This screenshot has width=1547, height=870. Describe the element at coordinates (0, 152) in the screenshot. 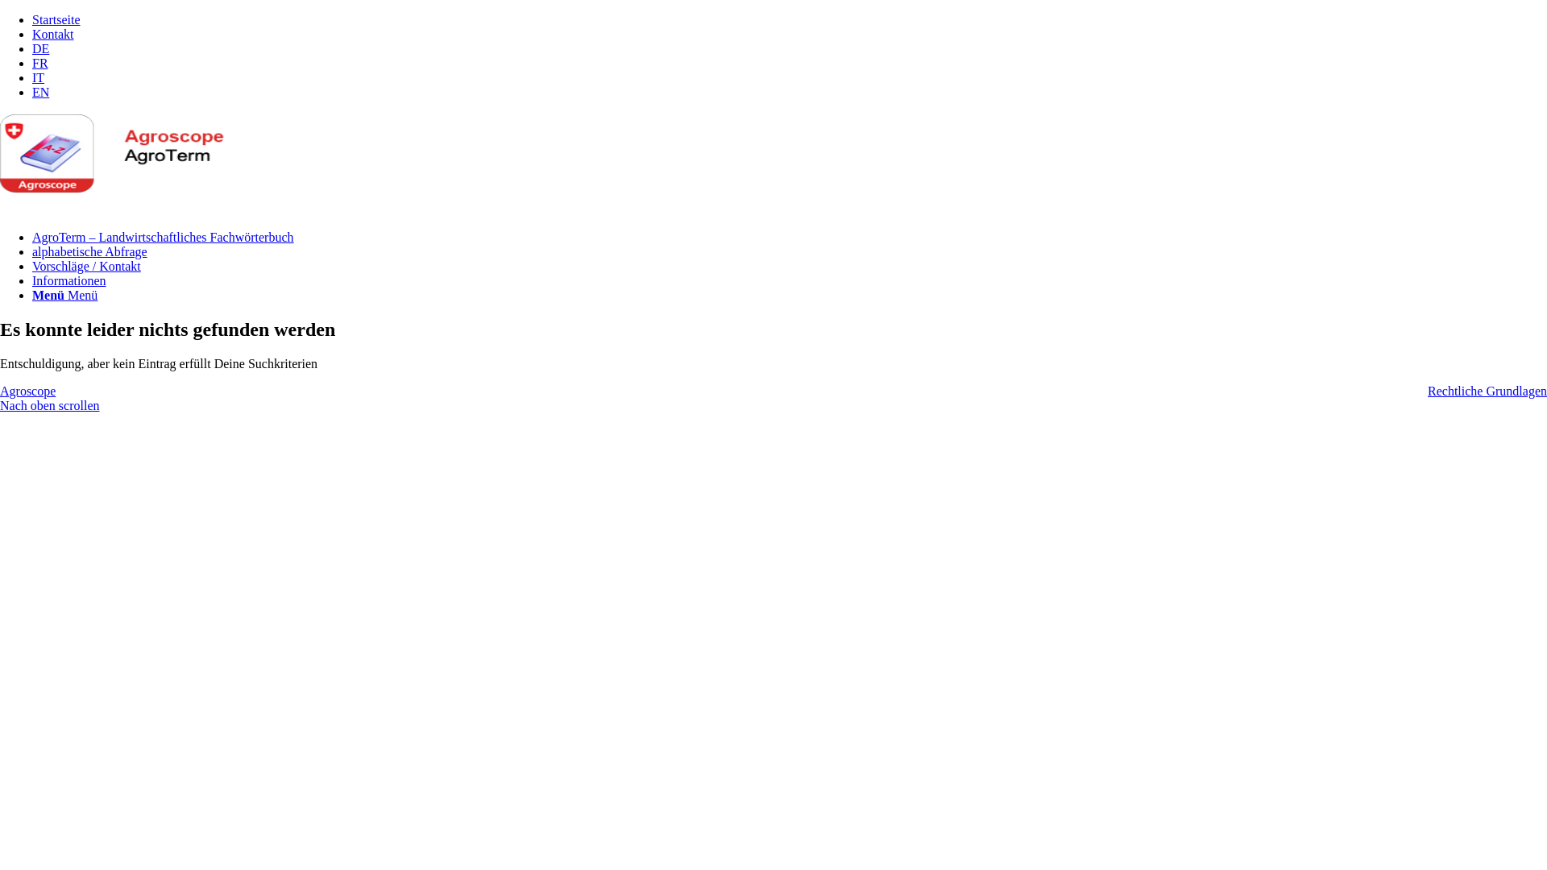

I see `'logo'` at that location.